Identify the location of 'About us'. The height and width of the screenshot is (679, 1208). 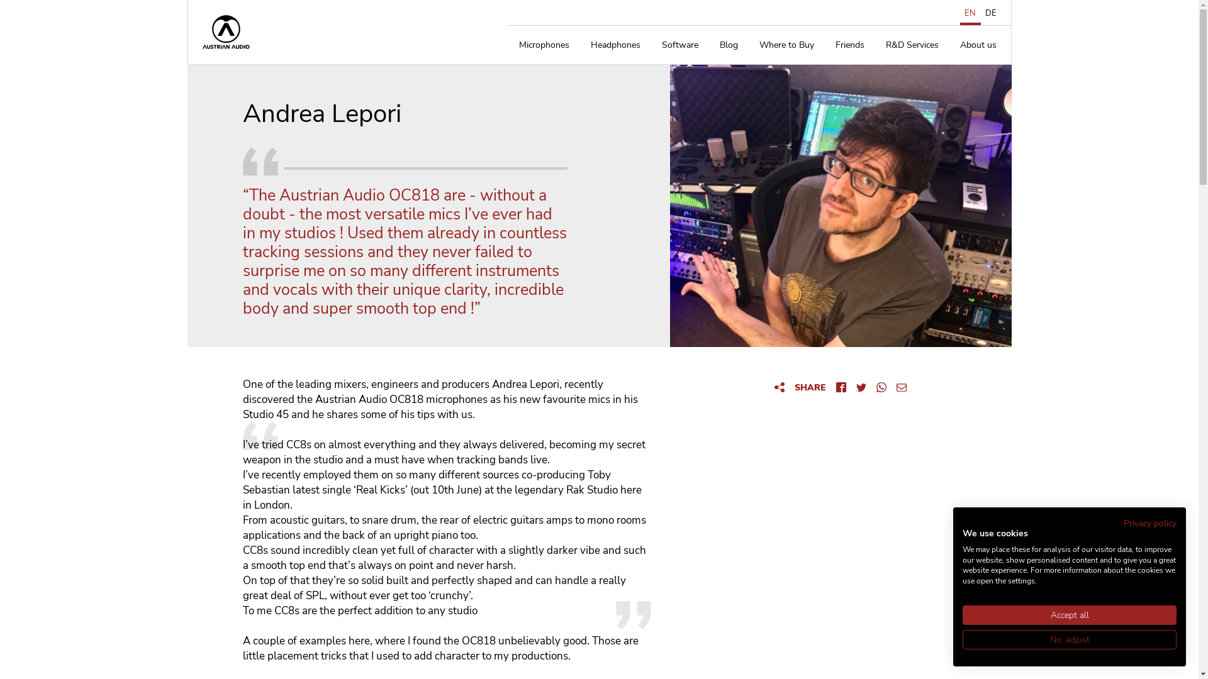
(977, 45).